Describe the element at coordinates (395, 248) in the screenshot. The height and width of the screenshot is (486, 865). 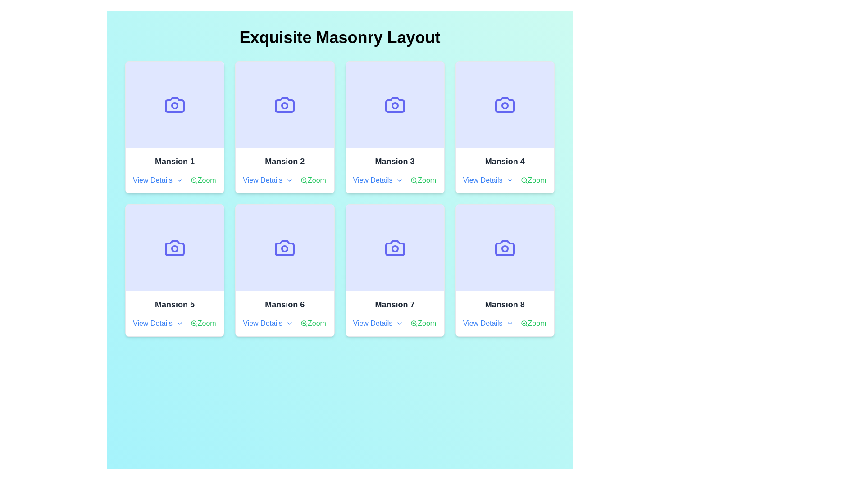
I see `the decorative part of the camera icon within the tile labeled 'Mansion 7', located in the second row and third column of the grid layout` at that location.